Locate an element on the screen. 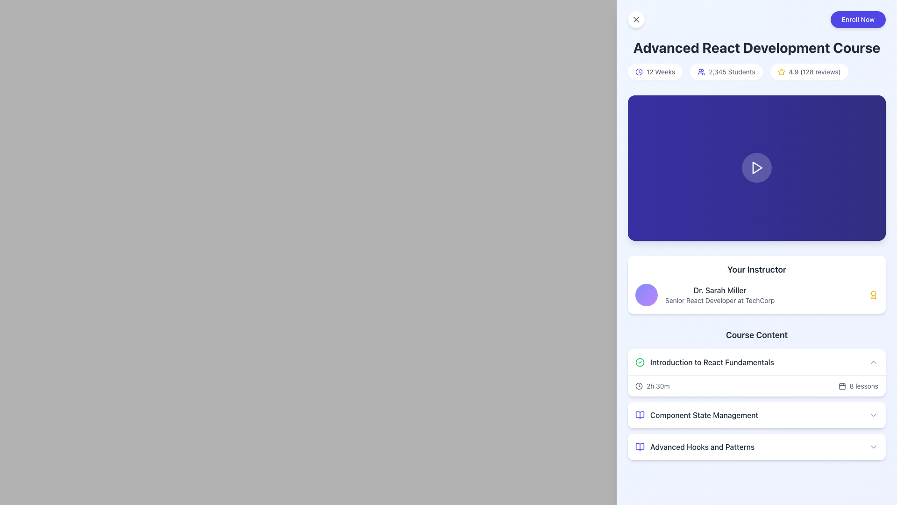  the static text label that provides information about the instructor's job title and company affiliation, located under the subsection 'Your Instructor' on the right side of the interface is located at coordinates (719, 300).